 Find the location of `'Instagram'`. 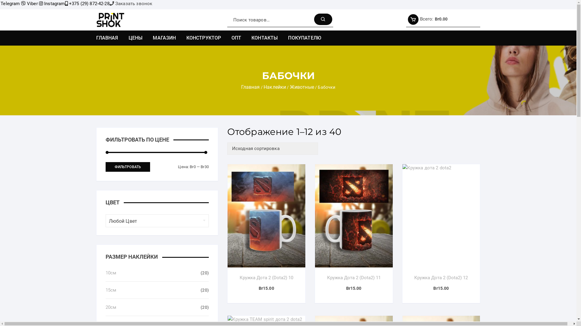

'Instagram' is located at coordinates (39, 3).